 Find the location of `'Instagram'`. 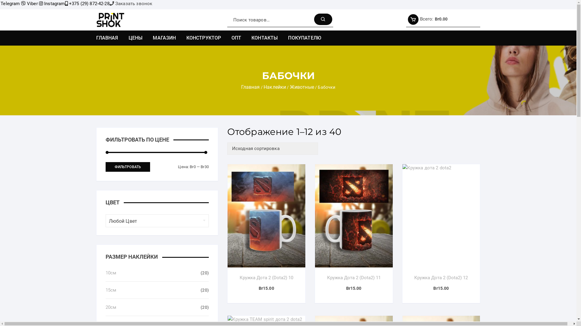

'Instagram' is located at coordinates (39, 3).